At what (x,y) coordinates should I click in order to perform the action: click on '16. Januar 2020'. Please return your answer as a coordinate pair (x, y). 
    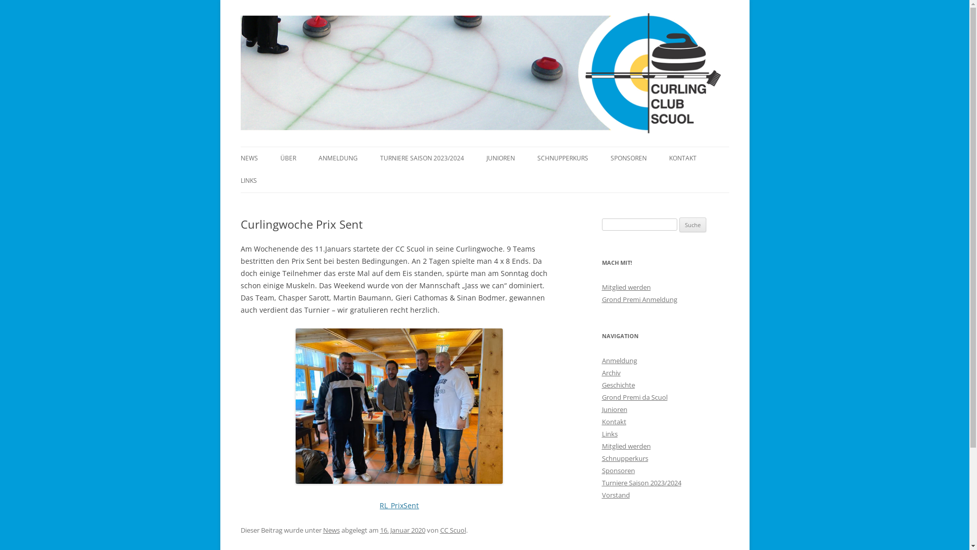
    Looking at the image, I should click on (401, 530).